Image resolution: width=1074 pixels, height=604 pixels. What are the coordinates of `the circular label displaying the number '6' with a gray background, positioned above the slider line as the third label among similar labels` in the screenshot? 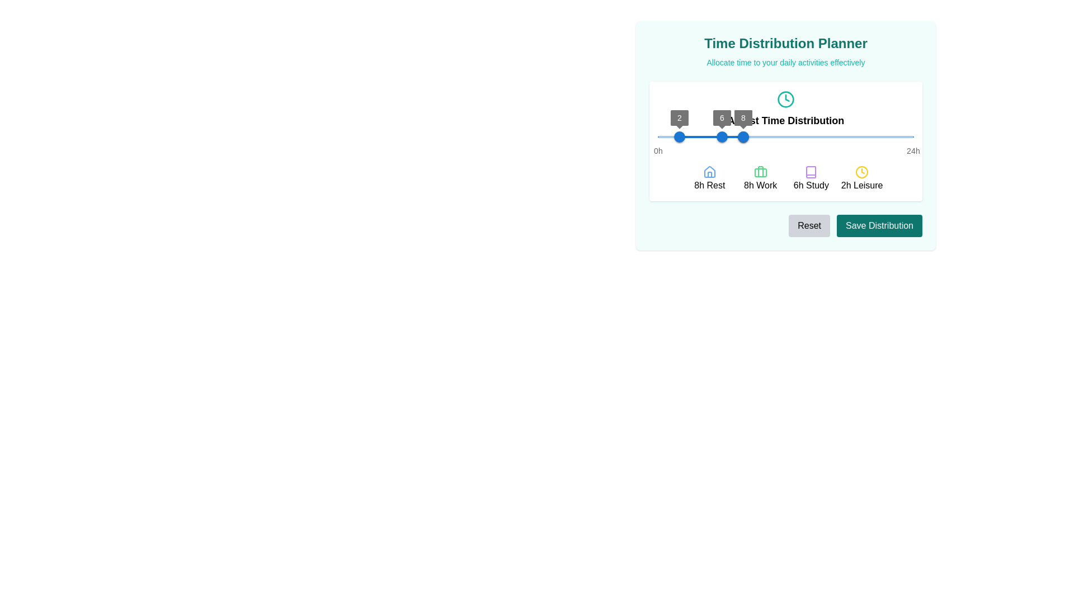 It's located at (722, 117).